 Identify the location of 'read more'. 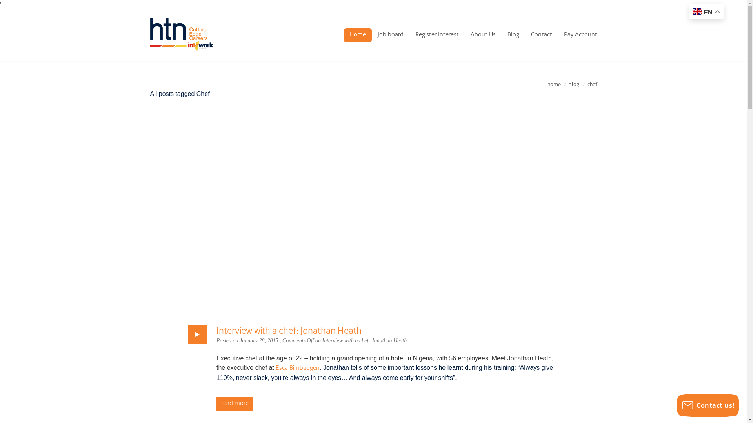
(235, 403).